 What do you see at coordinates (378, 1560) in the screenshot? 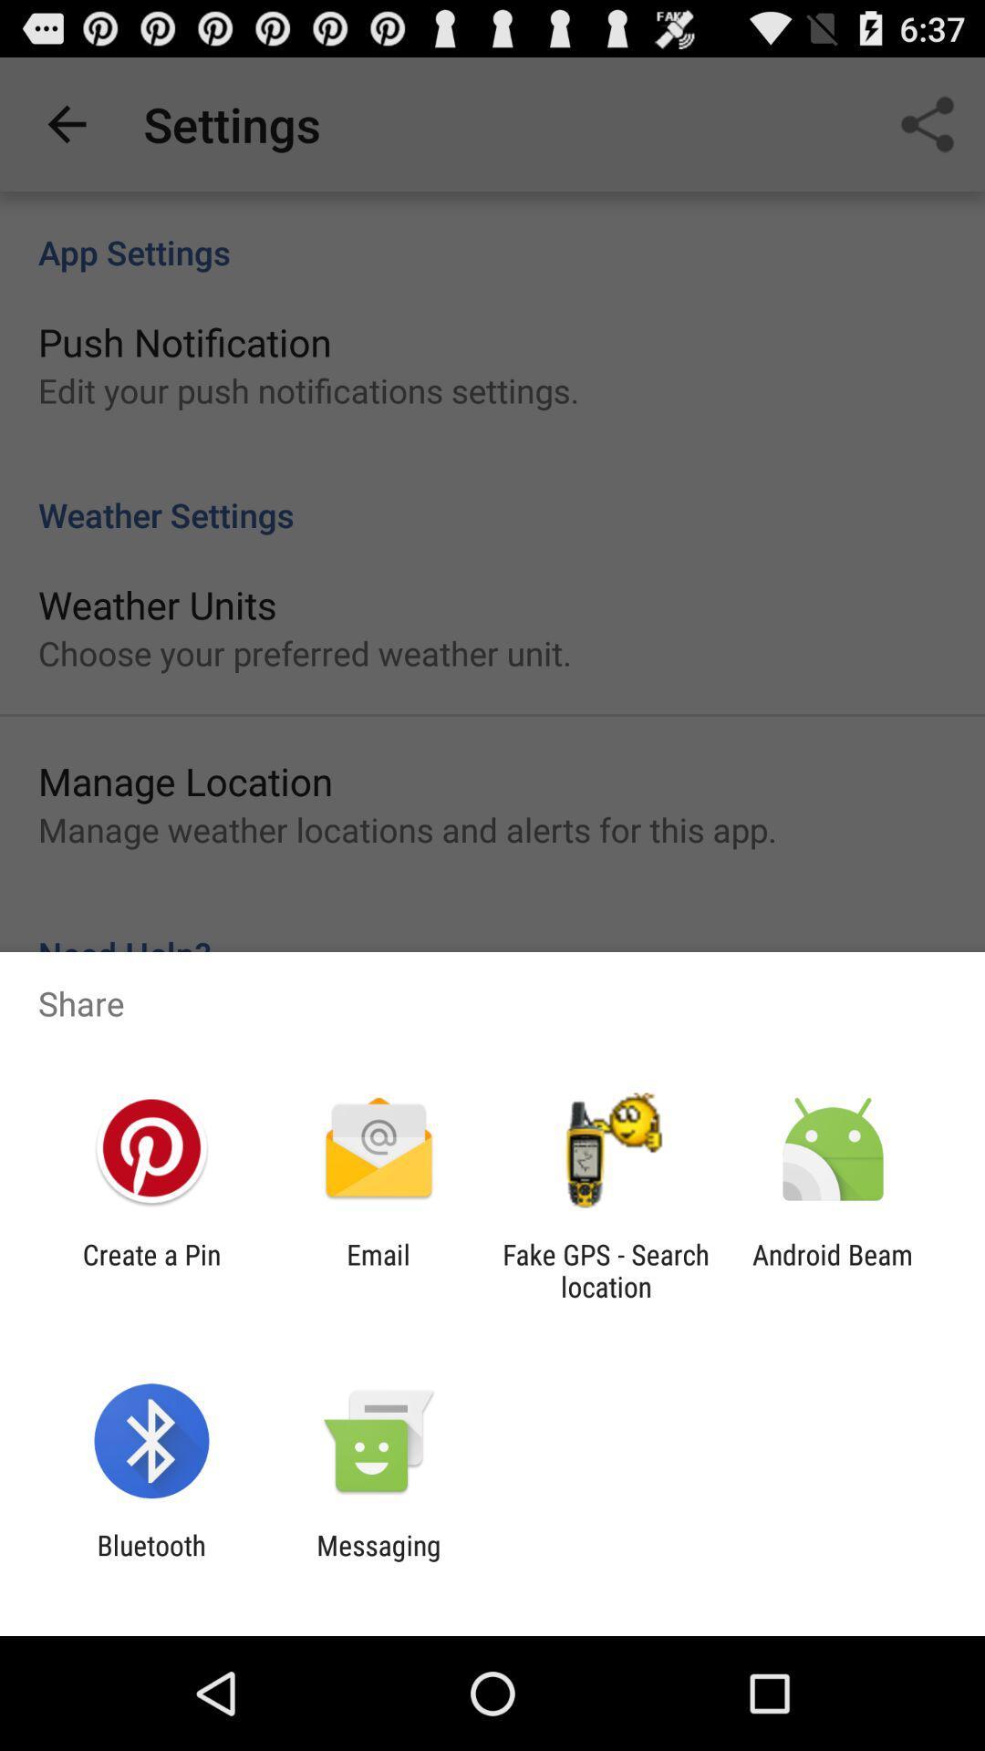
I see `messaging icon` at bounding box center [378, 1560].